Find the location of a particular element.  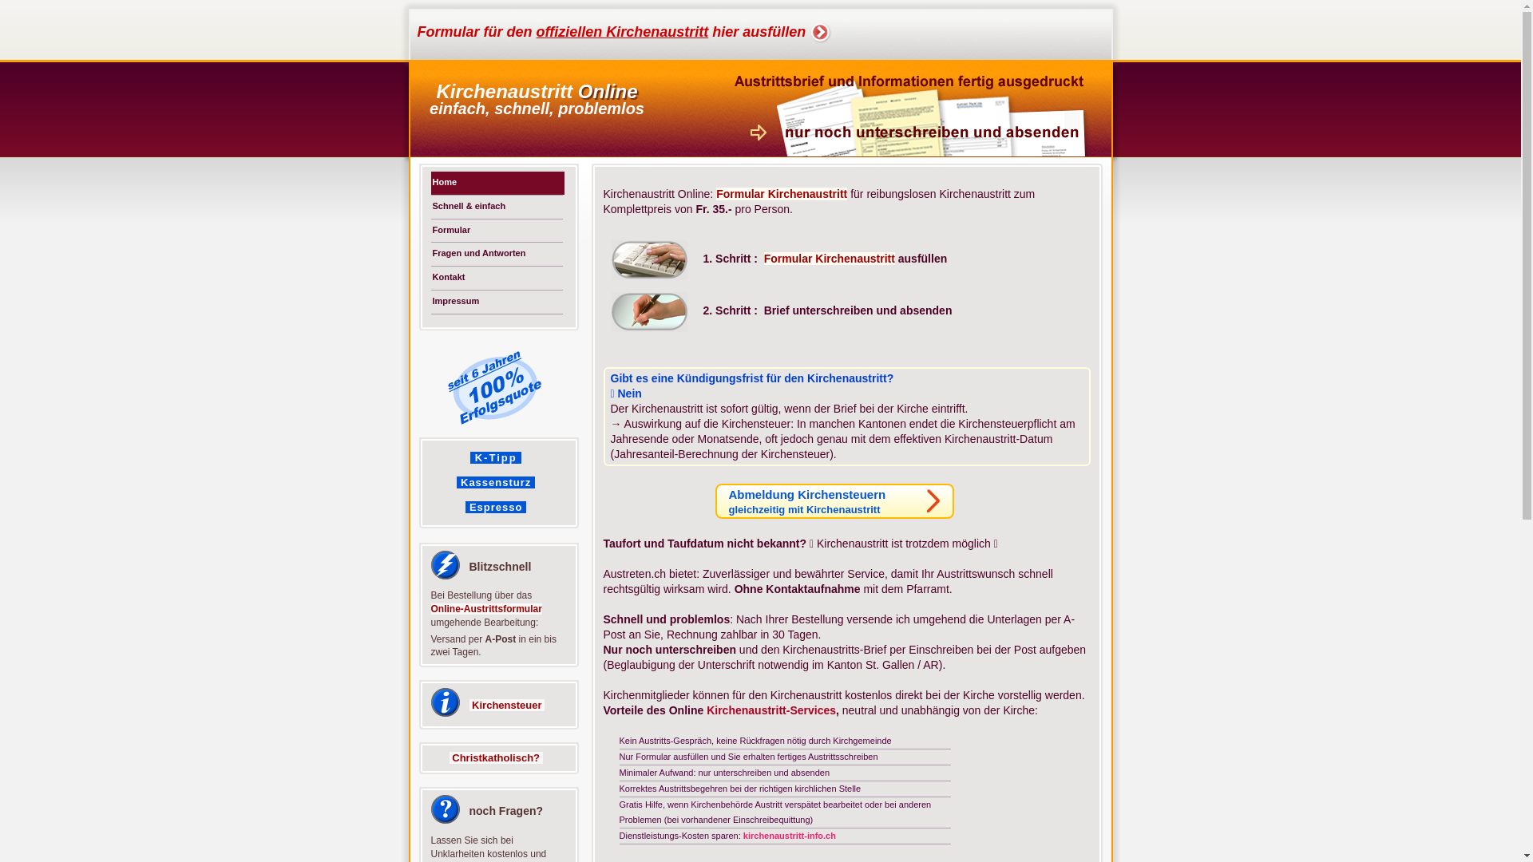

' Kassensturz ' is located at coordinates (455, 480).